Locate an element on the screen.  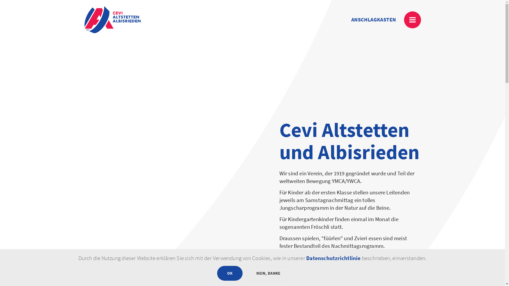
'ANSCHLAGKASTEN' is located at coordinates (351, 19).